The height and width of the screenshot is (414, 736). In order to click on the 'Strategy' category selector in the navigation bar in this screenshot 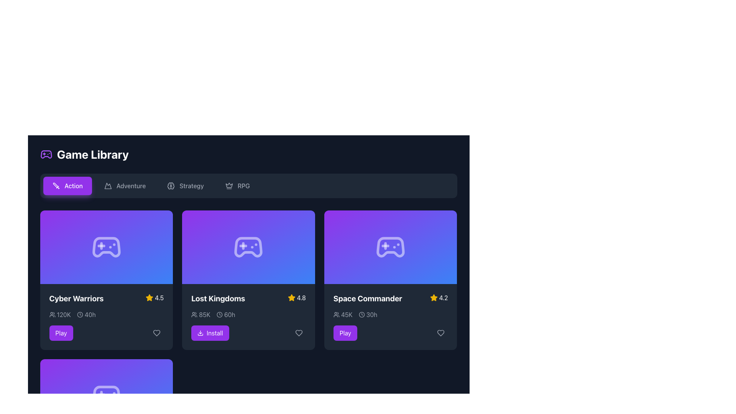, I will do `click(191, 186)`.